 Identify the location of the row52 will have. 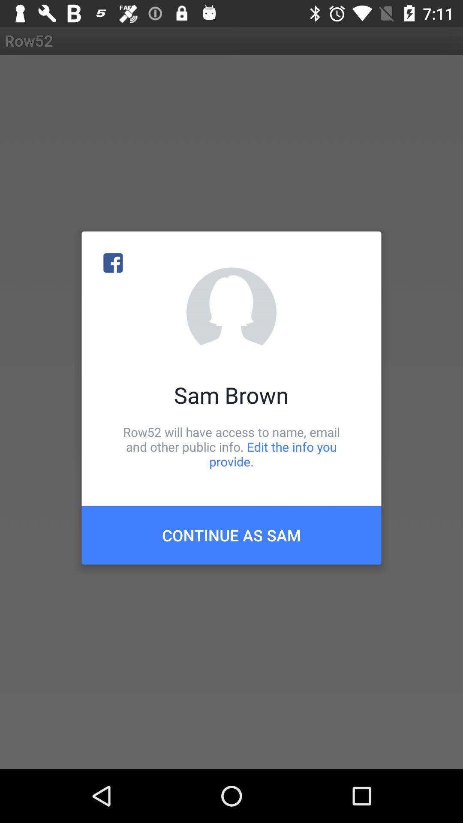
(231, 446).